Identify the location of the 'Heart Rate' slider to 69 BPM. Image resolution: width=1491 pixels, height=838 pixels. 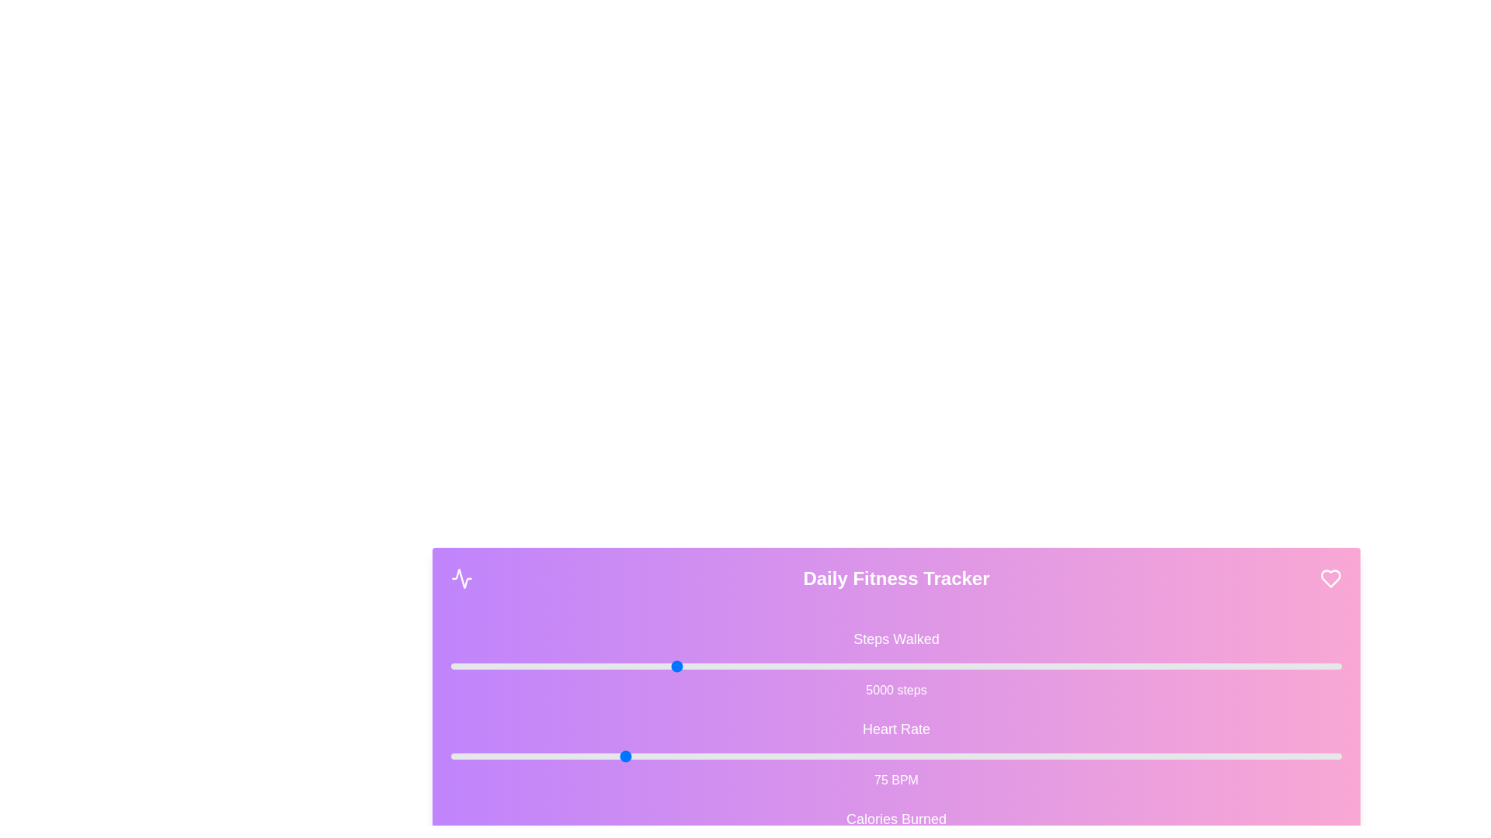
(580, 756).